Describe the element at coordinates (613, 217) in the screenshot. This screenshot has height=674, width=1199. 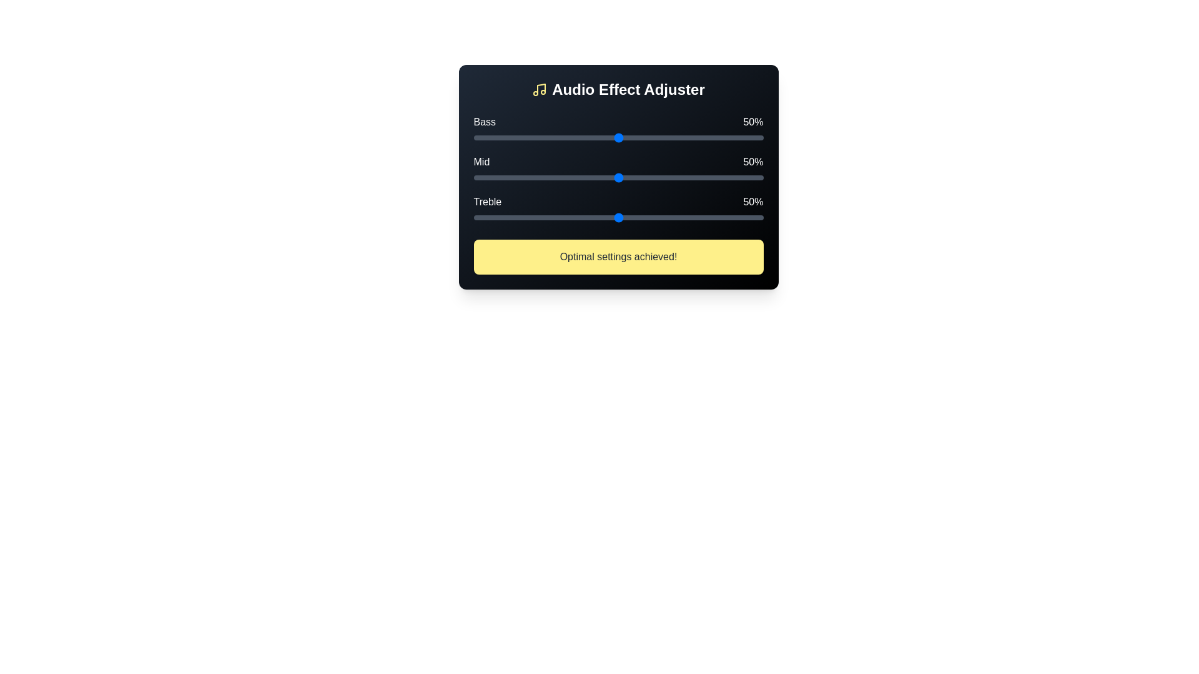
I see `the treble slider to 48%` at that location.